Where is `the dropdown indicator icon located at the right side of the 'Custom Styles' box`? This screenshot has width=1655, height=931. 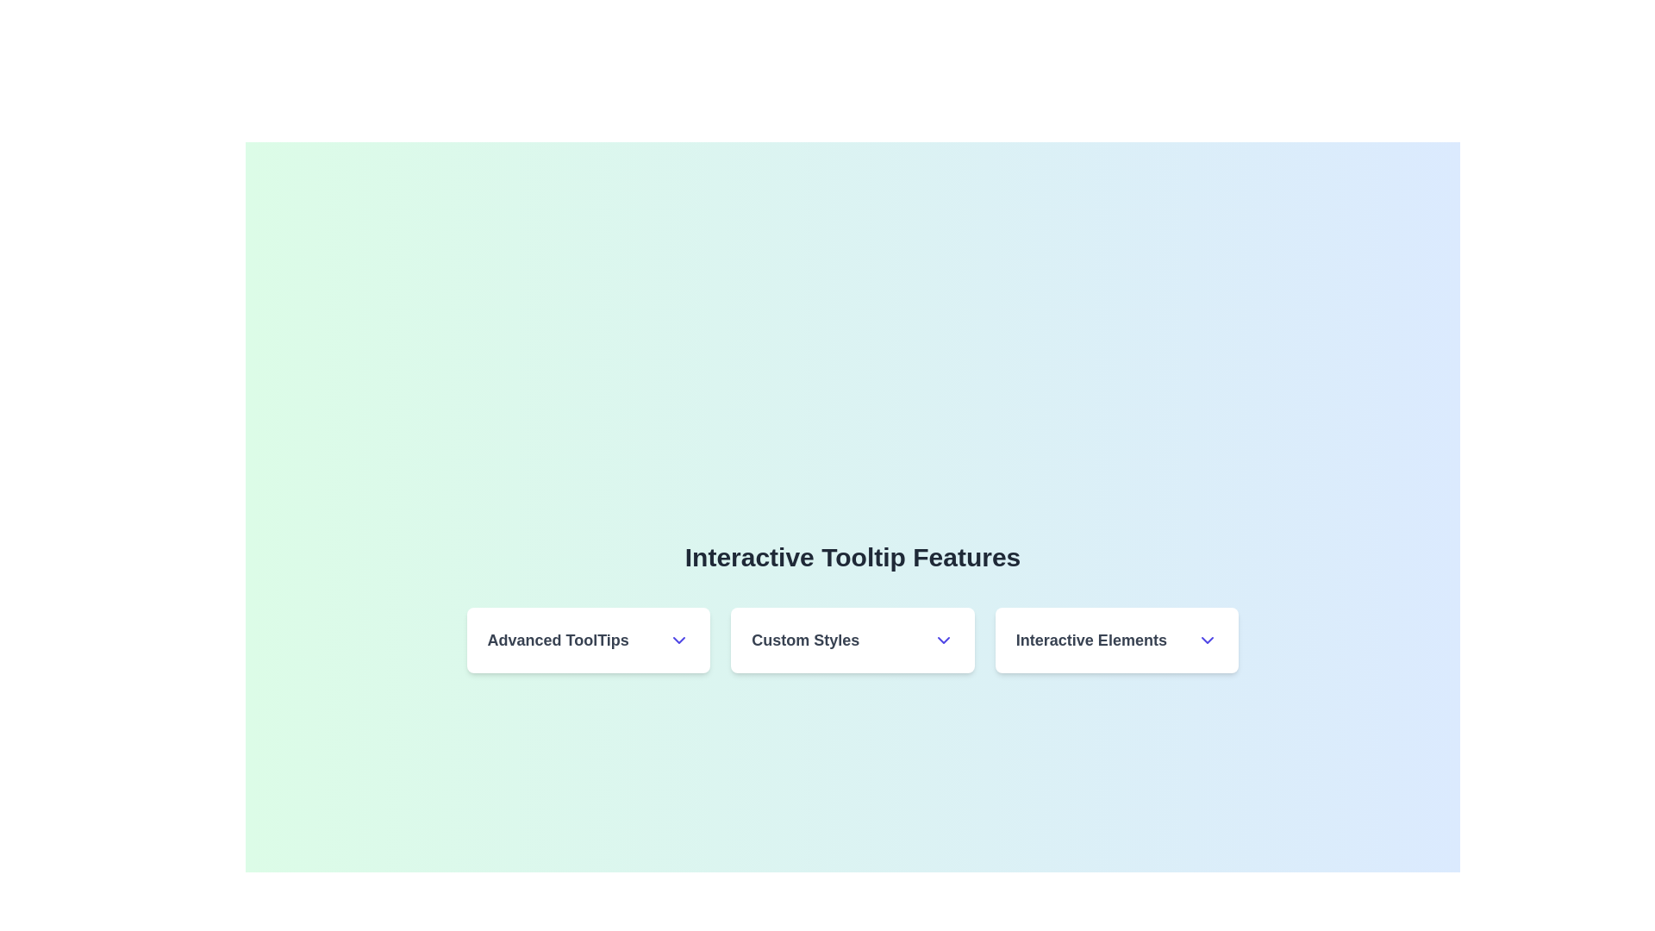
the dropdown indicator icon located at the right side of the 'Custom Styles' box is located at coordinates (942, 640).